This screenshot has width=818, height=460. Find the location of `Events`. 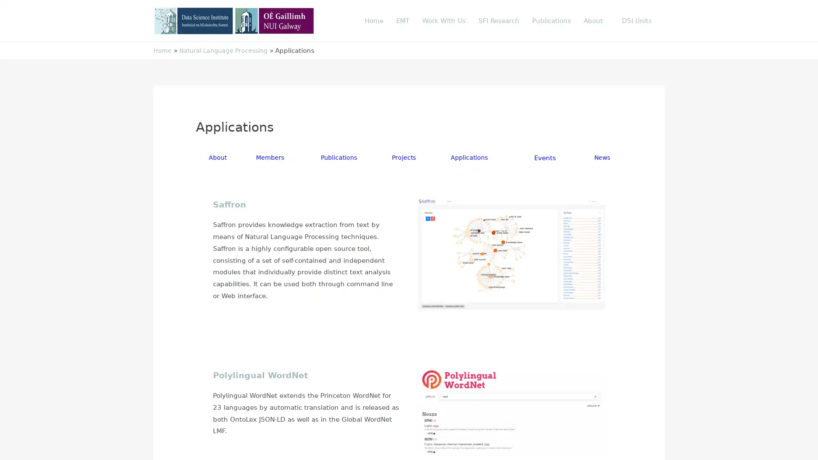

Events is located at coordinates (546, 158).